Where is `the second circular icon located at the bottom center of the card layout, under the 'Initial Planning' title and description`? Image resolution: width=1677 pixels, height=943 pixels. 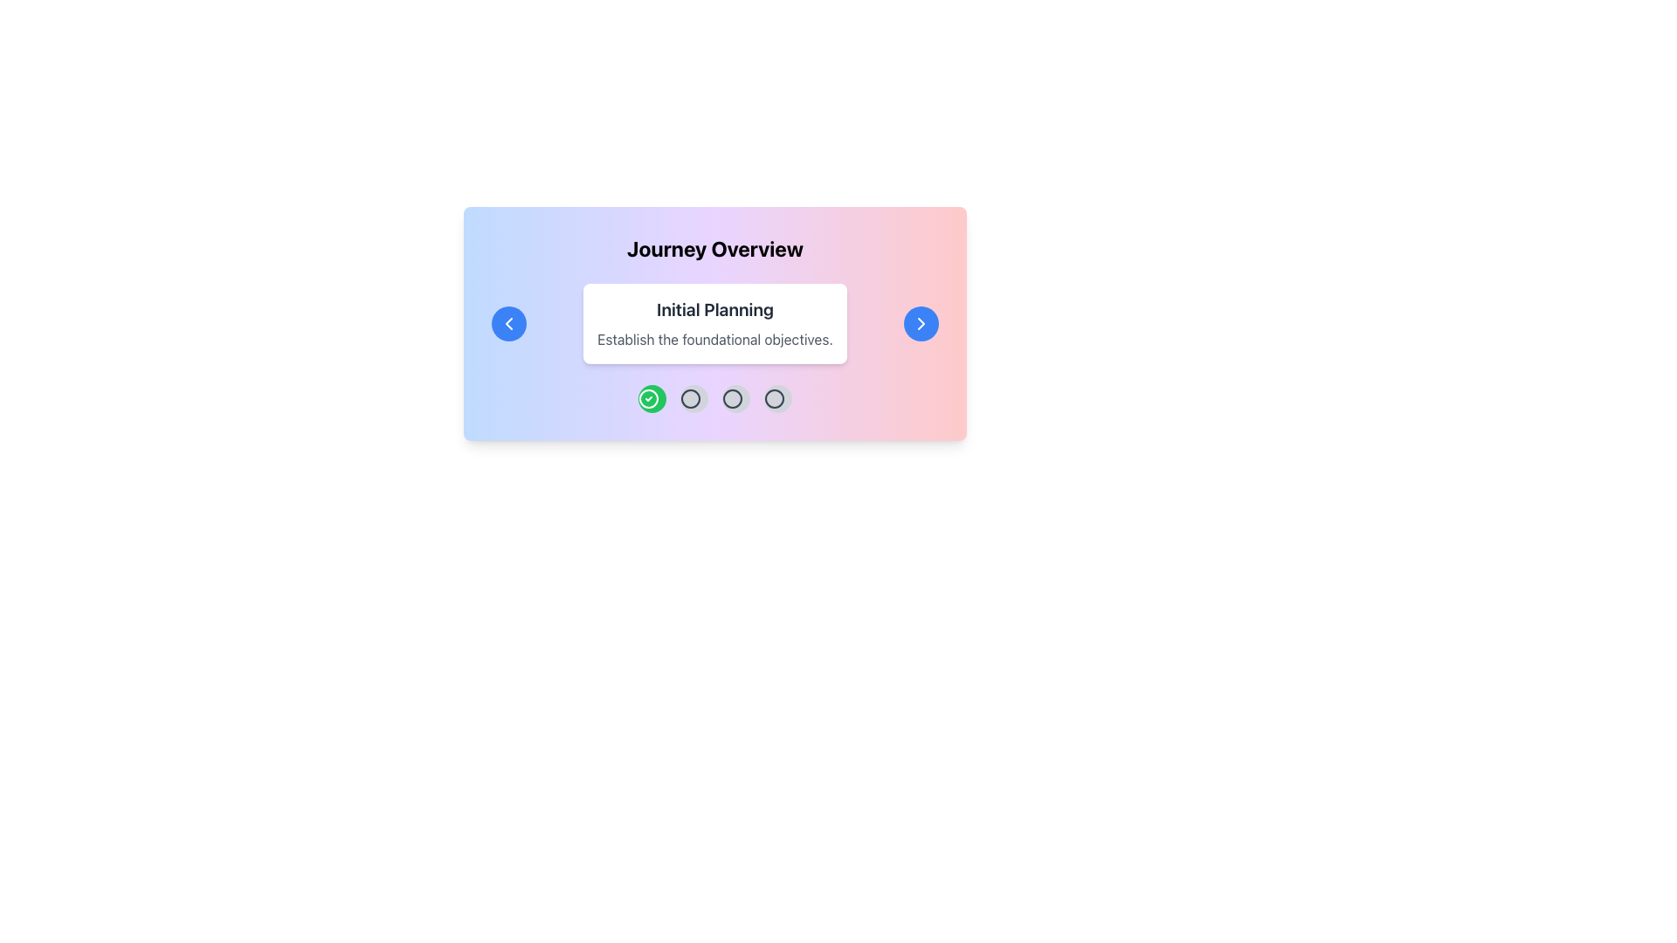 the second circular icon located at the bottom center of the card layout, under the 'Initial Planning' title and description is located at coordinates (690, 398).